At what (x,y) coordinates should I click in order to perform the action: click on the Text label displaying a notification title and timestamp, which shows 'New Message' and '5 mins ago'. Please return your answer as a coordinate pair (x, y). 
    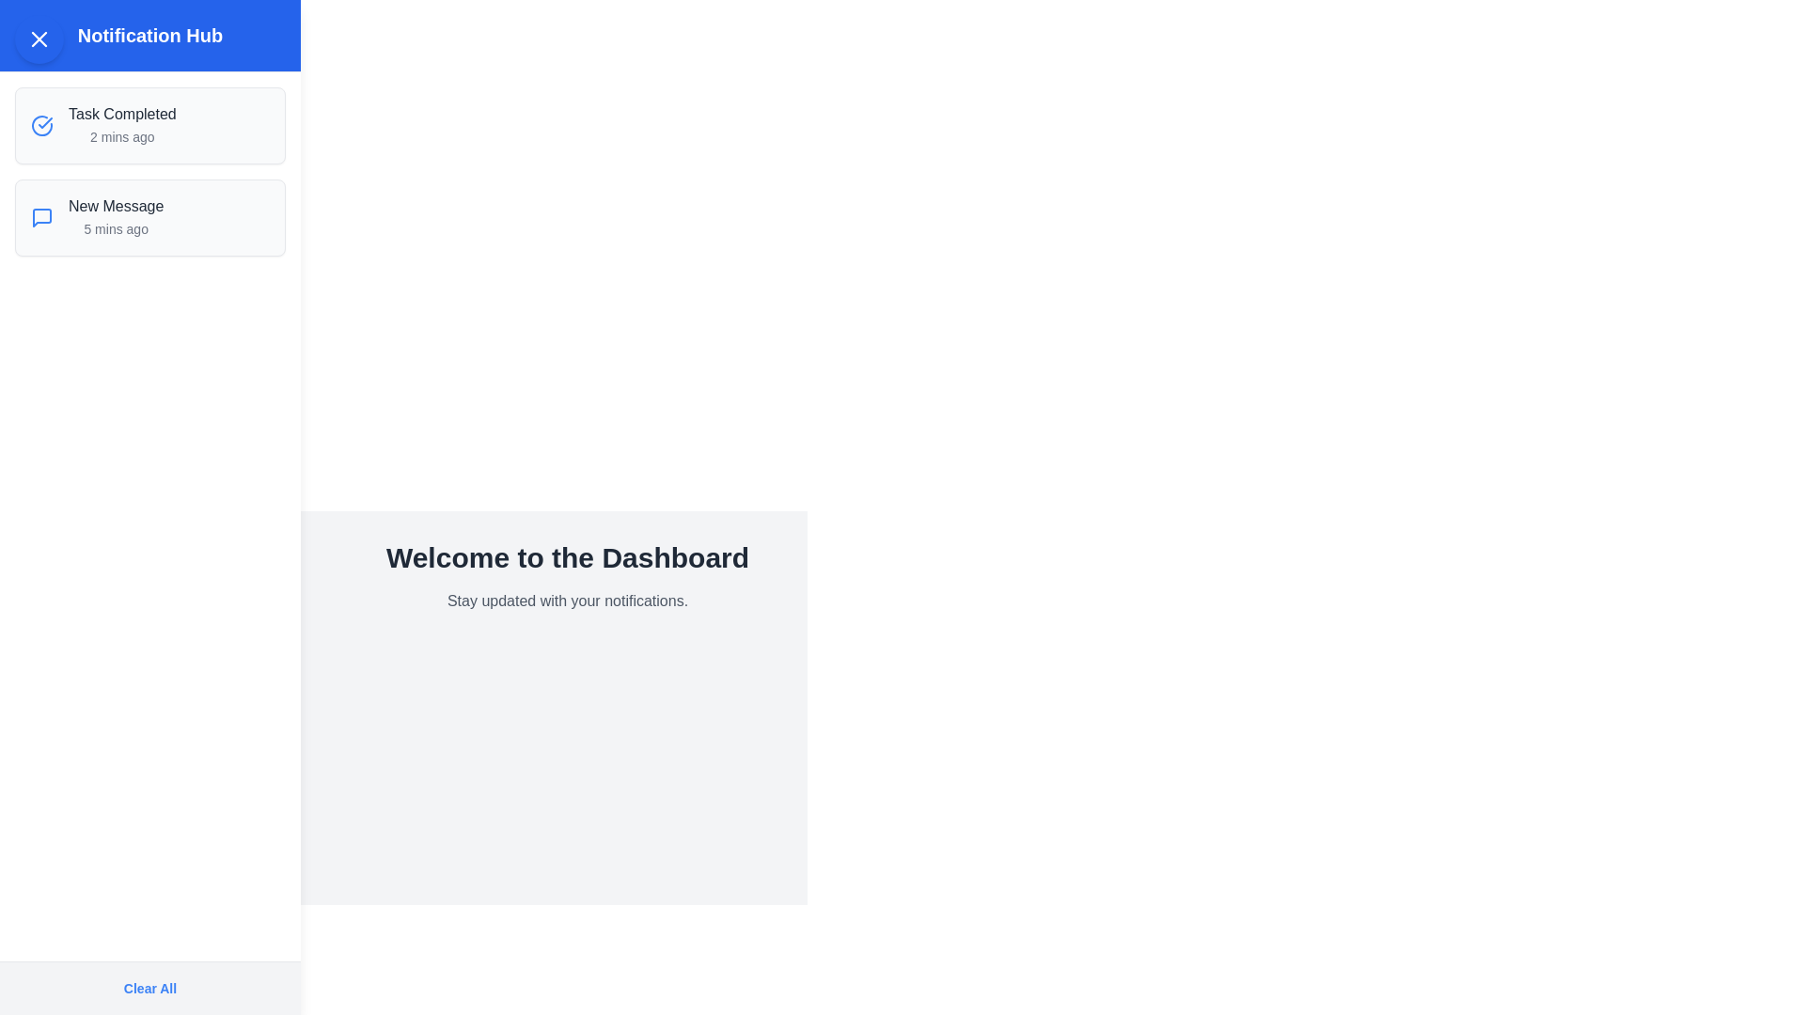
    Looking at the image, I should click on (115, 216).